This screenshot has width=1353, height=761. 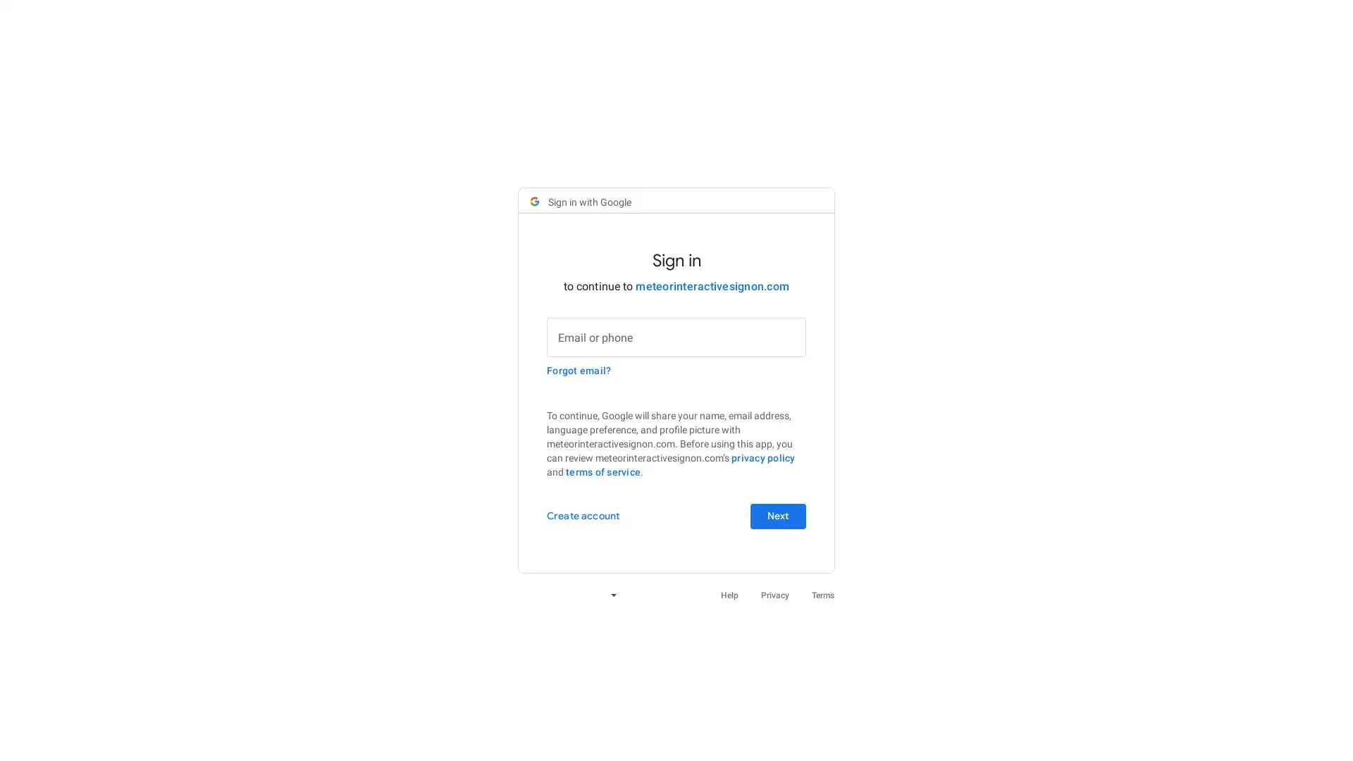 What do you see at coordinates (583, 516) in the screenshot?
I see `Create account` at bounding box center [583, 516].